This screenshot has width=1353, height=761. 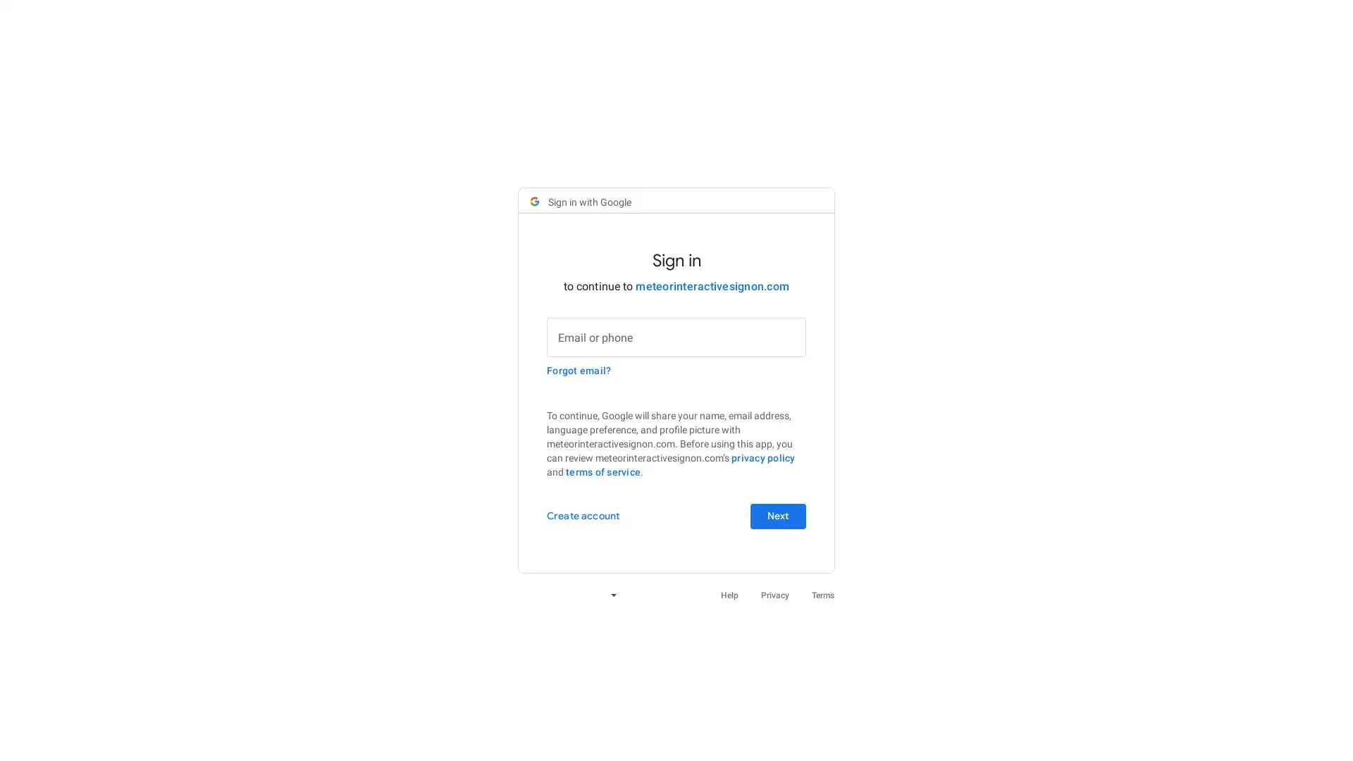 What do you see at coordinates (583, 516) in the screenshot?
I see `Create account` at bounding box center [583, 516].